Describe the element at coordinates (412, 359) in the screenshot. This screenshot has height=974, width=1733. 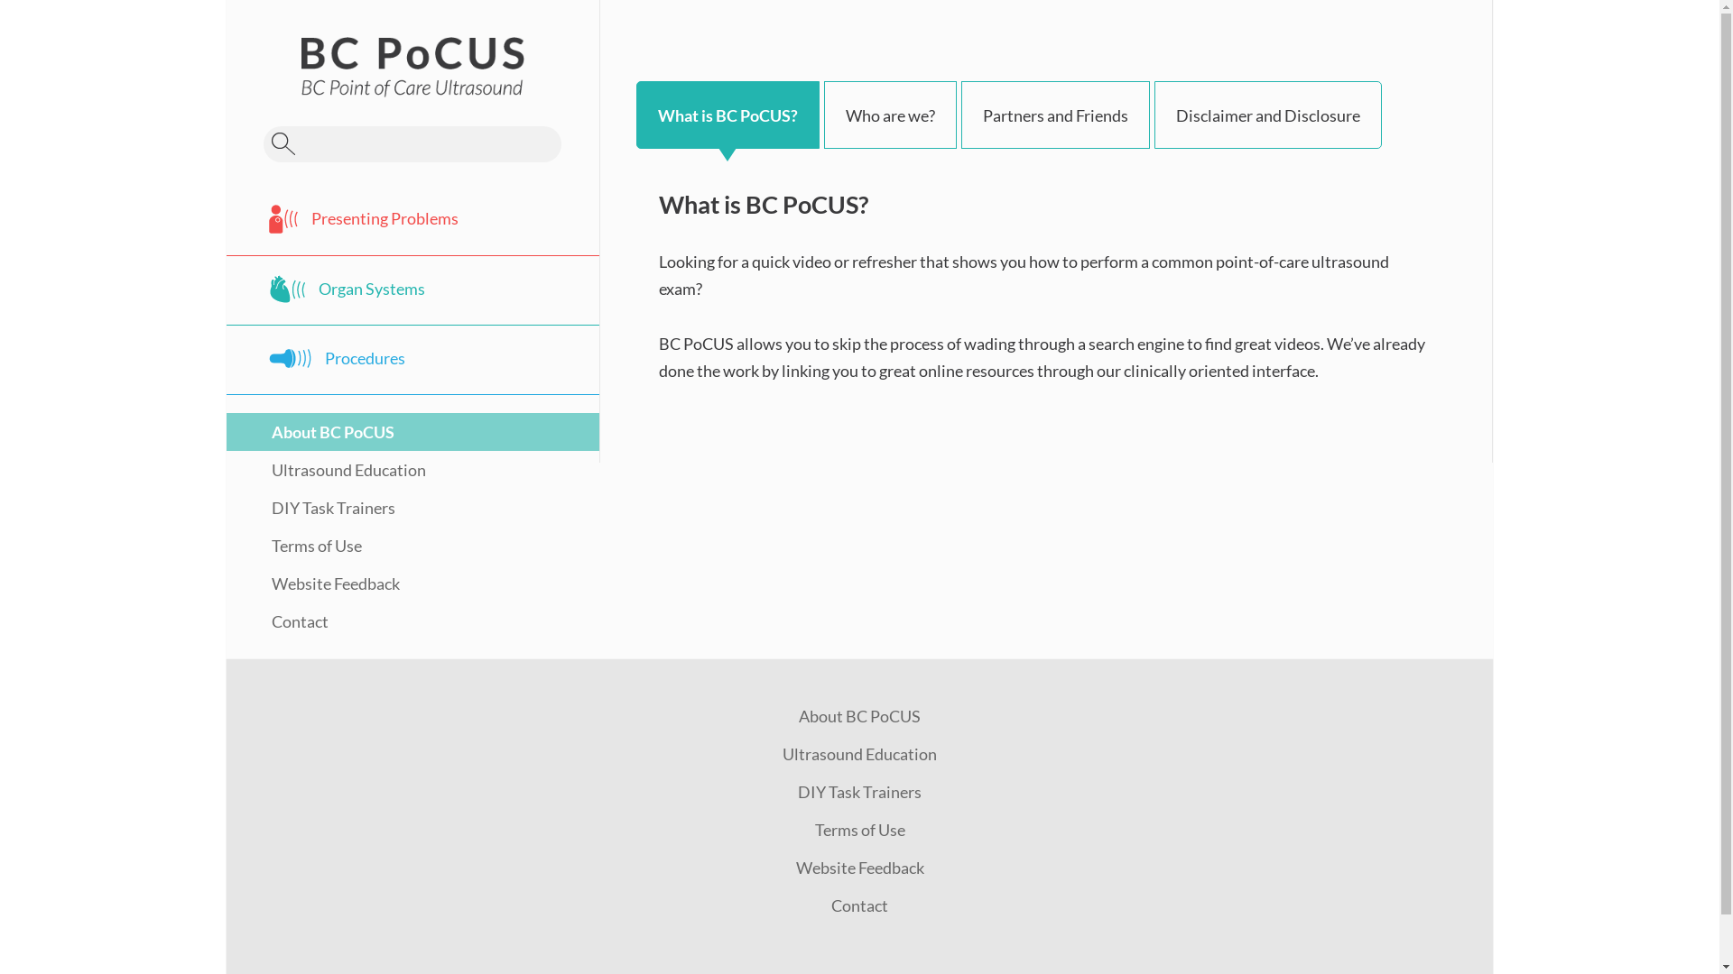
I see `'Procedures'` at that location.